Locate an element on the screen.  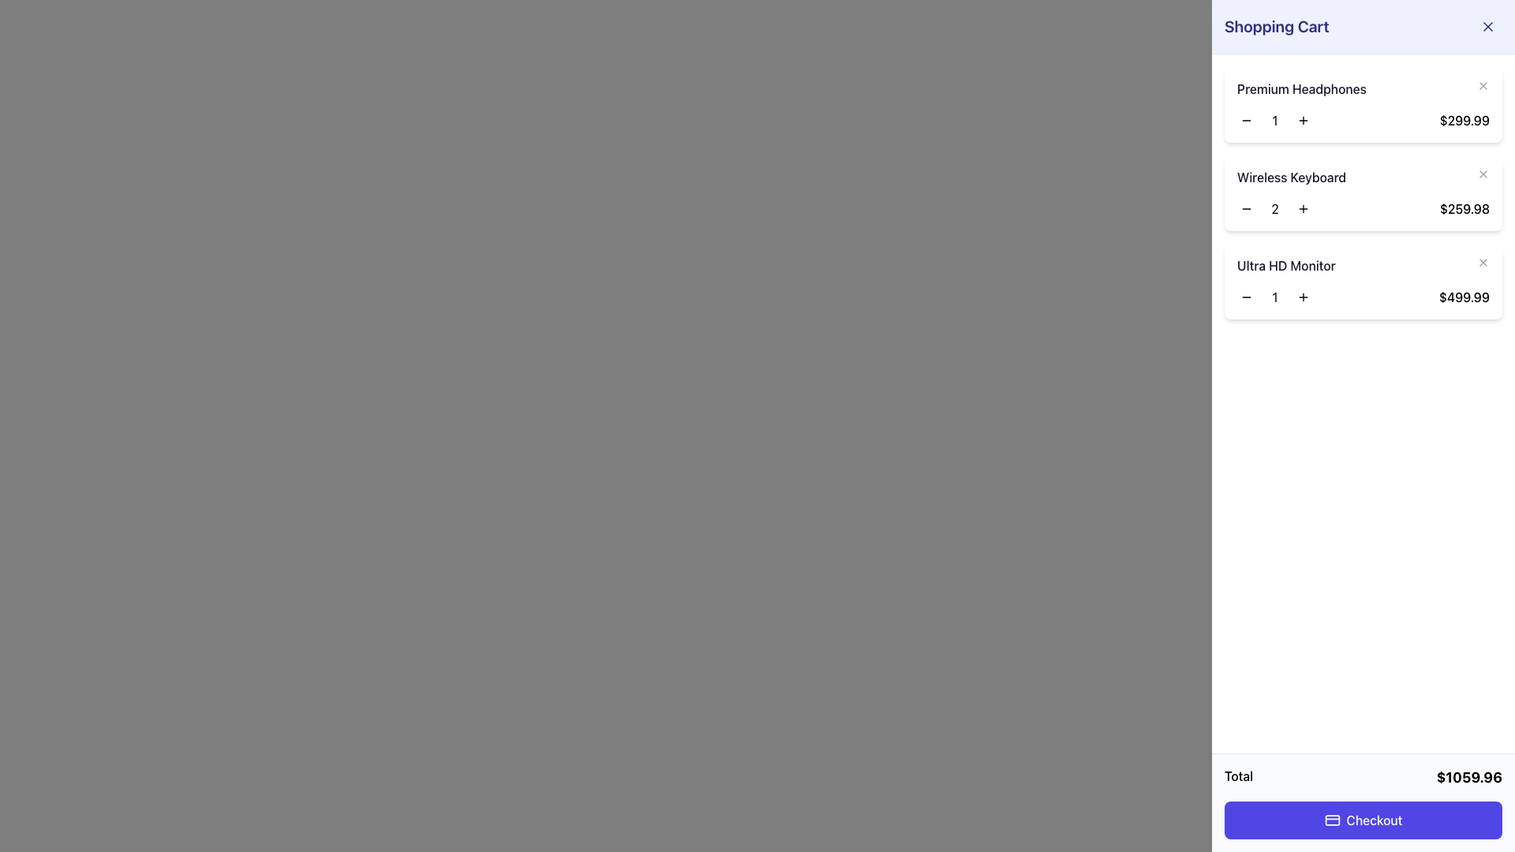
the circular button with a light background and a plus icon to increase the quantity of the 'Wireless Keyboard' in the shopping cart is located at coordinates (1303, 208).